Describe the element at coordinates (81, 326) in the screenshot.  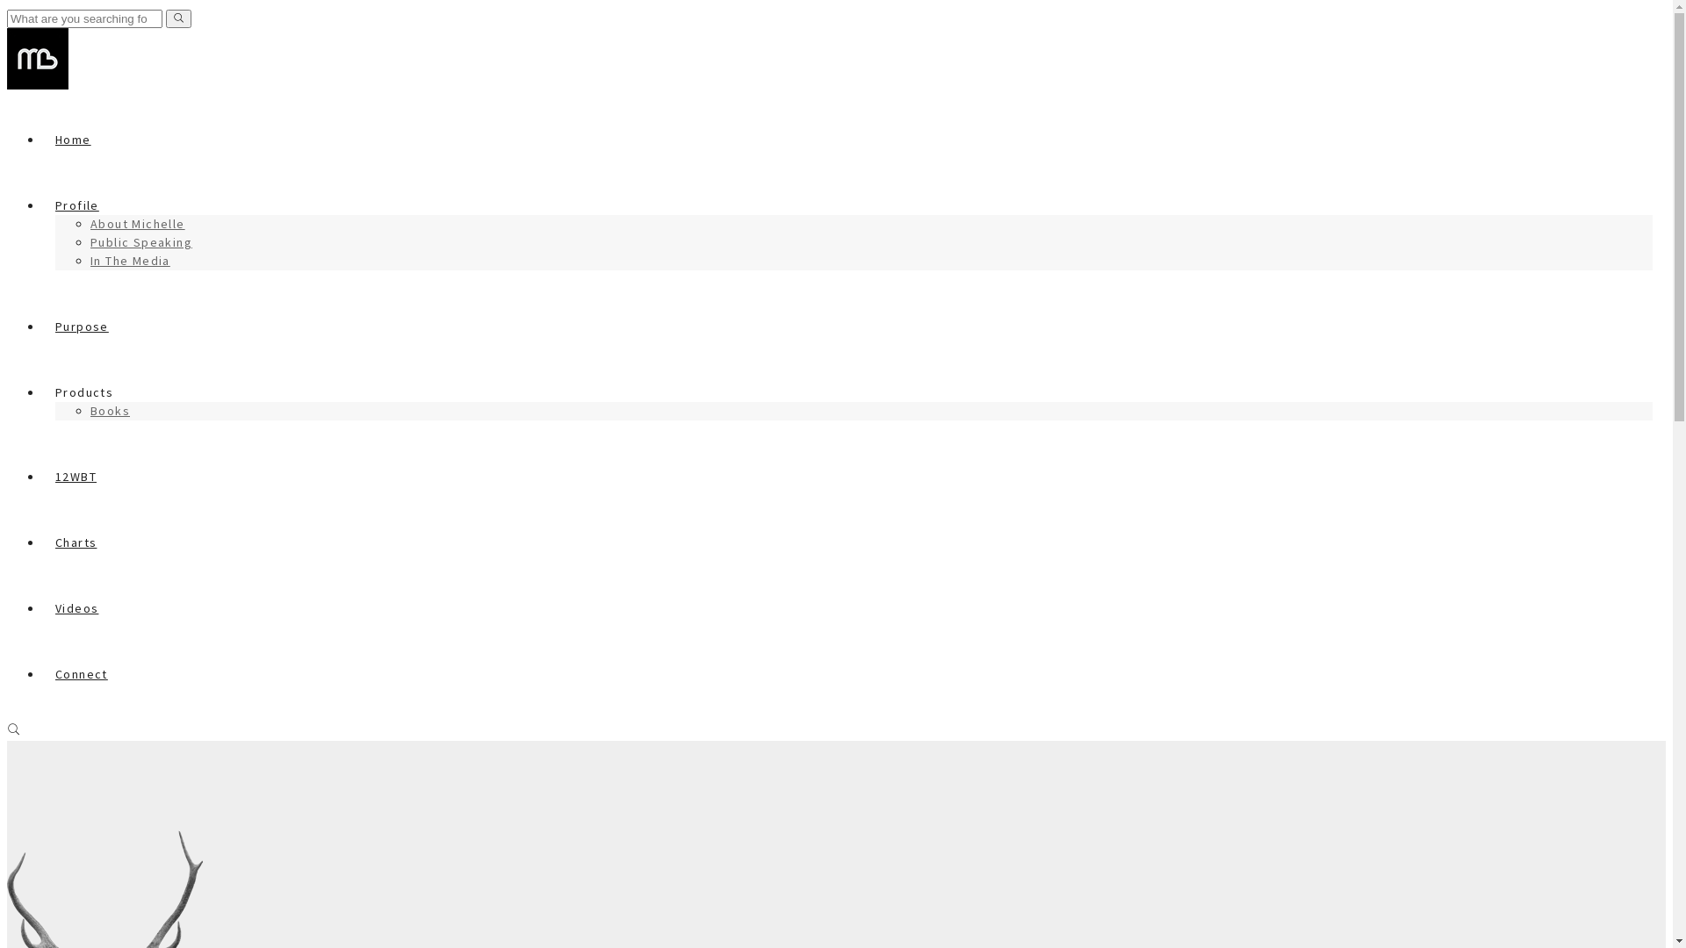
I see `'Purpose'` at that location.